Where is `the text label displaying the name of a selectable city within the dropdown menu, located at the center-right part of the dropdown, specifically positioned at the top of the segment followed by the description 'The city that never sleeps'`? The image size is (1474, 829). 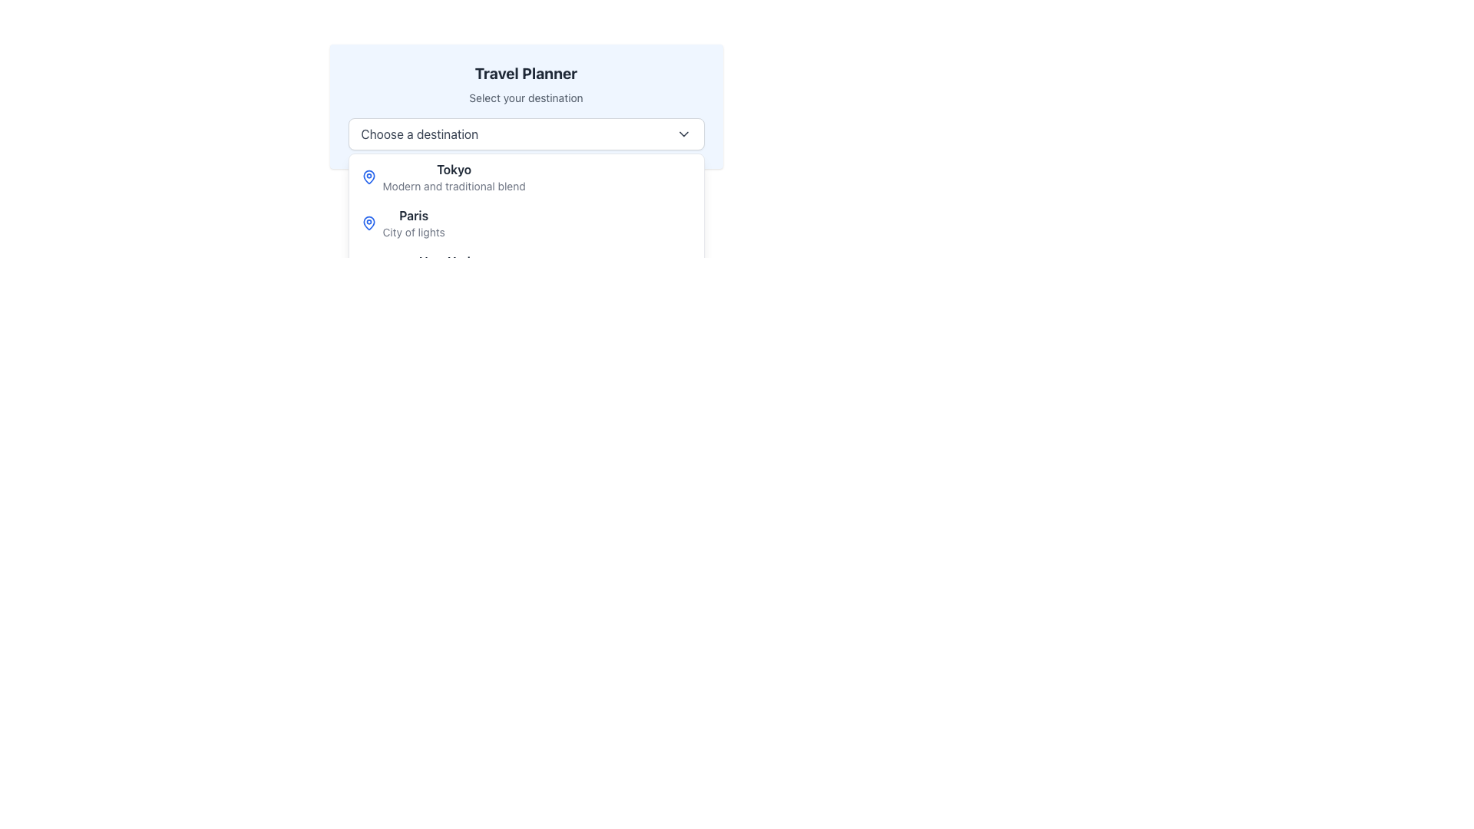 the text label displaying the name of a selectable city within the dropdown menu, located at the center-right part of the dropdown, specifically positioned at the top of the segment followed by the description 'The city that never sleeps' is located at coordinates (445, 260).